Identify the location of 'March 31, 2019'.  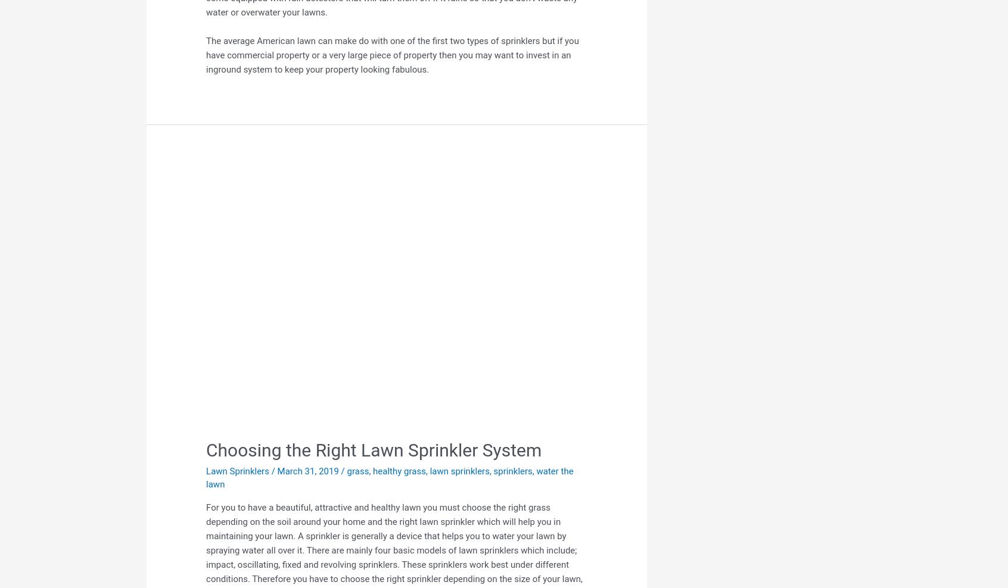
(309, 470).